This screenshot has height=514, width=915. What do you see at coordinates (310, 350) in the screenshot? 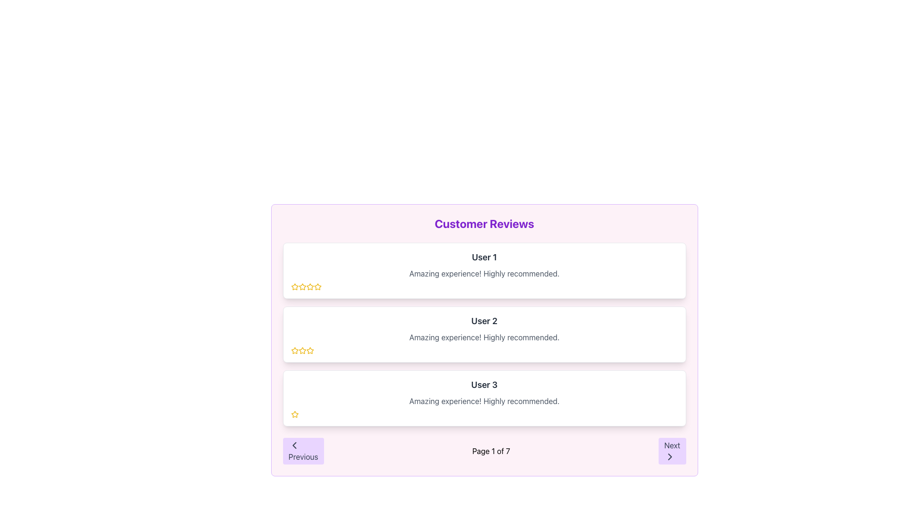
I see `the fourth star icon in the rating system, which has a yellow outline and is associated with user reviews` at bounding box center [310, 350].